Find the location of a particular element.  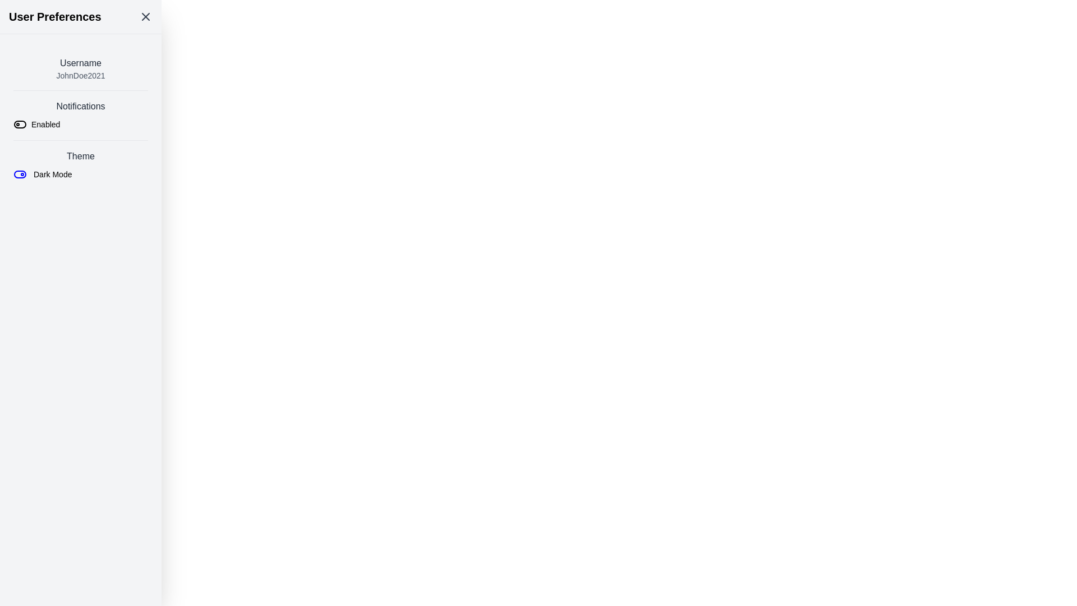

the toggle switch located to the left of the 'Dark Mode' text in the 'Theme' section of the 'User Preferences' panel is located at coordinates (20, 175).